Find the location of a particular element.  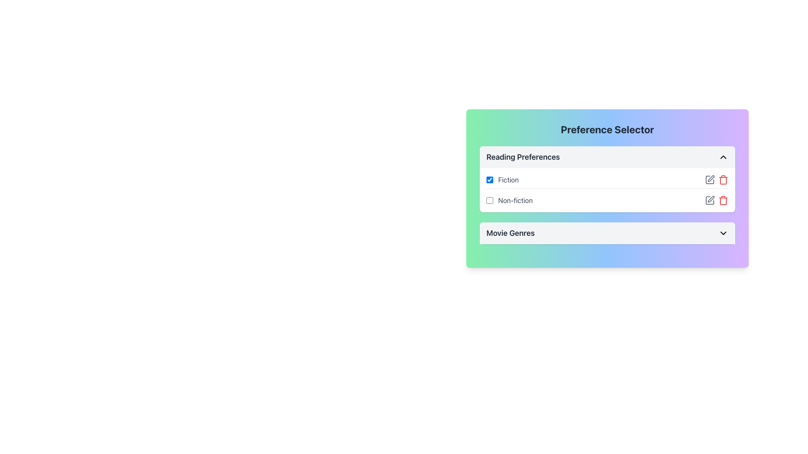

the delete icon button for the 'Non-fiction' preference located in the rightmost part of the horizontal group under the 'Reading Preferences' section to observe the color change effect is located at coordinates (723, 201).